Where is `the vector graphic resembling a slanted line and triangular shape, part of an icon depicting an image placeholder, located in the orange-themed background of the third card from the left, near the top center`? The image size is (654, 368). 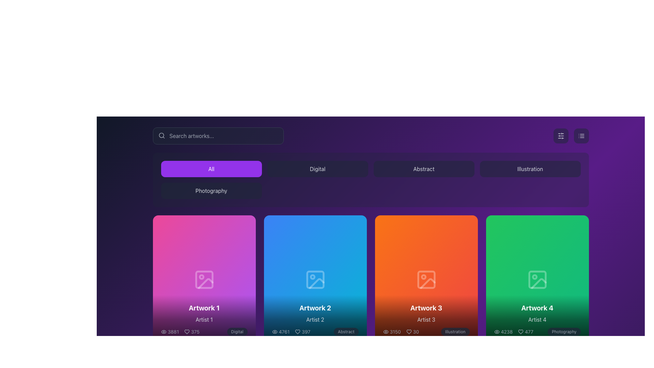
the vector graphic resembling a slanted line and triangular shape, part of an icon depicting an image placeholder, located in the orange-themed background of the third card from the left, near the top center is located at coordinates (427, 283).